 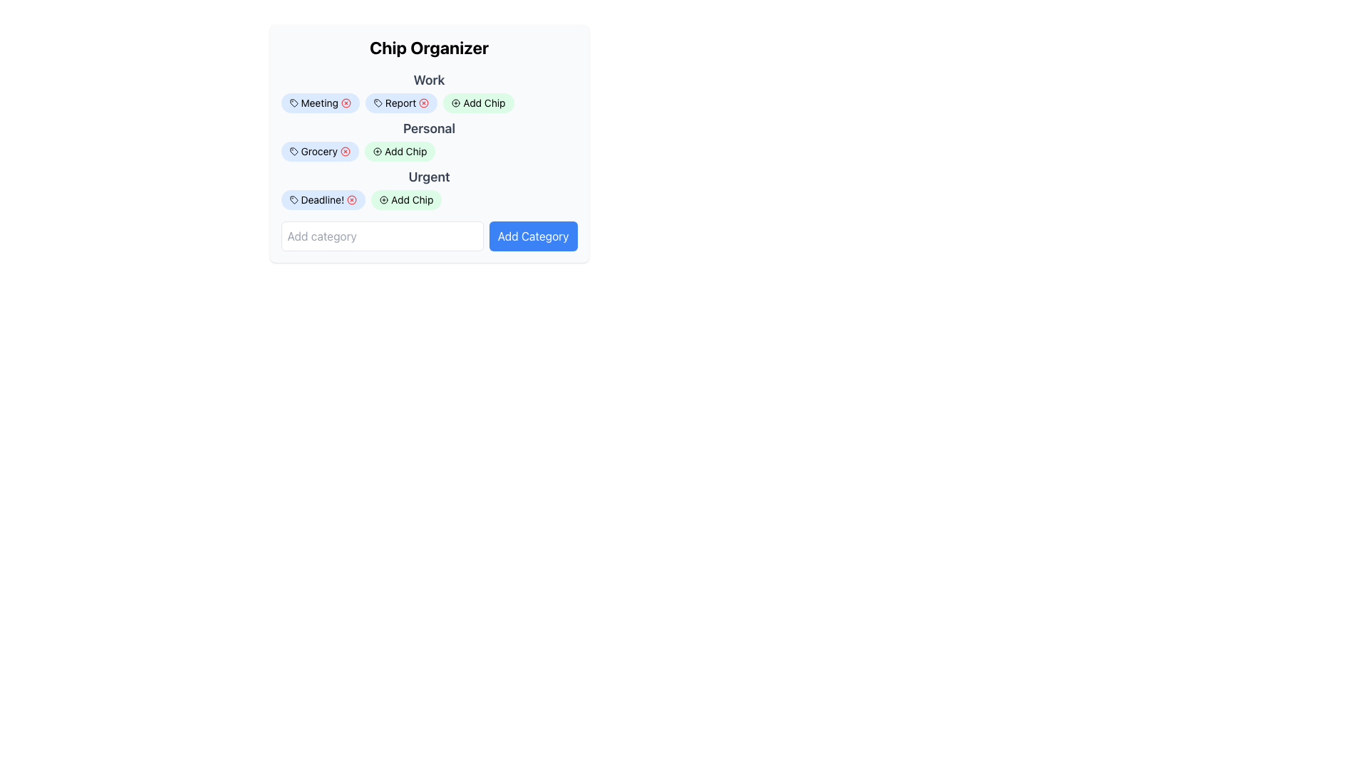 I want to click on the 'Grocery' tag-like UI component with a light blue background, located in the 'Personal' section of the 'Chip Organizer' interface, so click(x=319, y=151).